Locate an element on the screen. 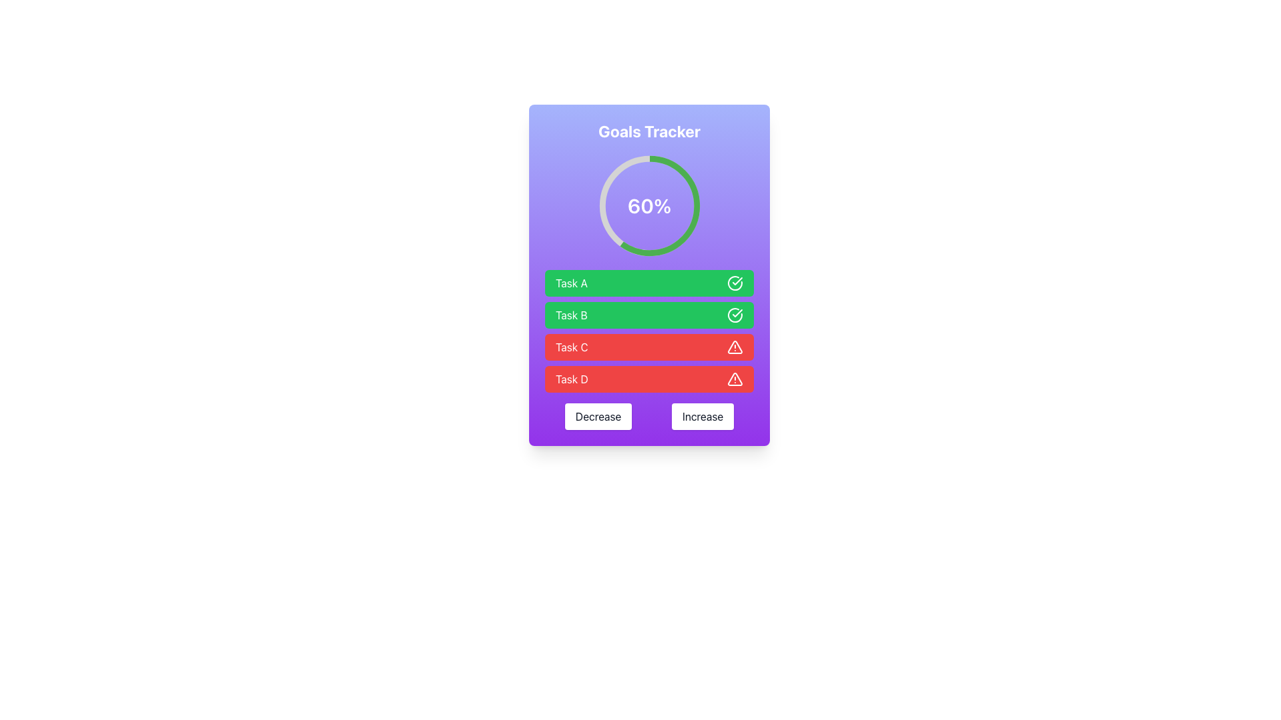 The width and height of the screenshot is (1281, 720). the 'Task D' text label is located at coordinates (572, 379).